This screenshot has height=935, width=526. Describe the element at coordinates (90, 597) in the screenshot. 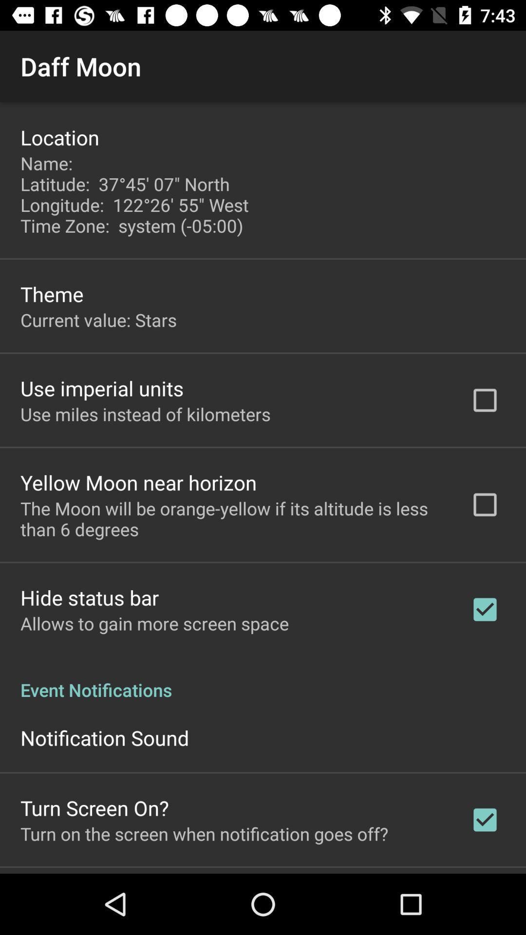

I see `icon below the moon will item` at that location.